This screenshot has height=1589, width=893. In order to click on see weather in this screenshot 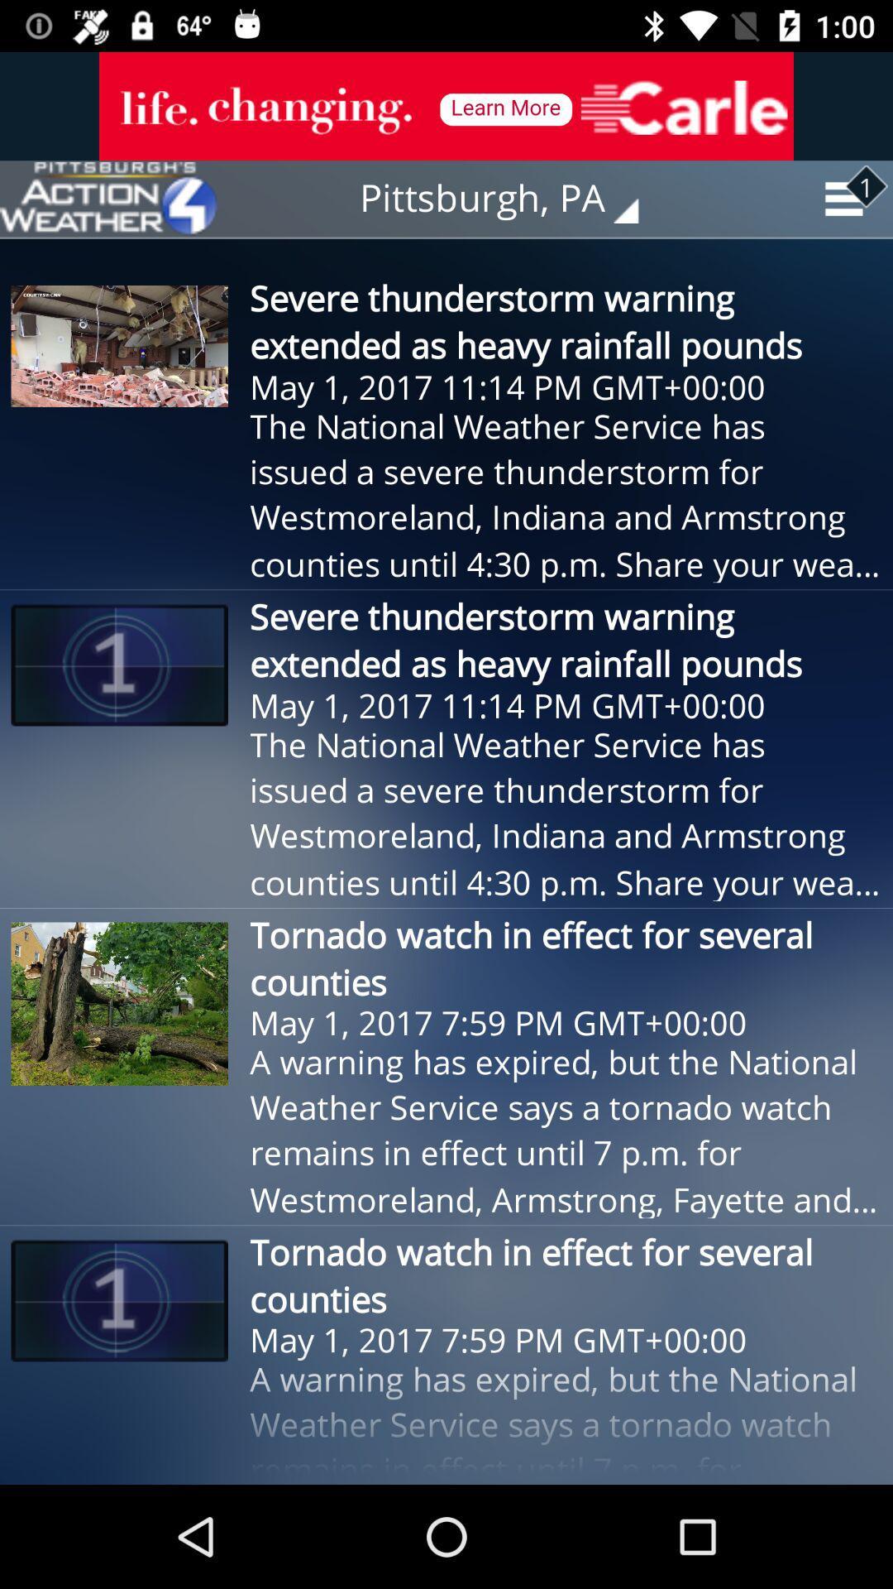, I will do `click(108, 199)`.